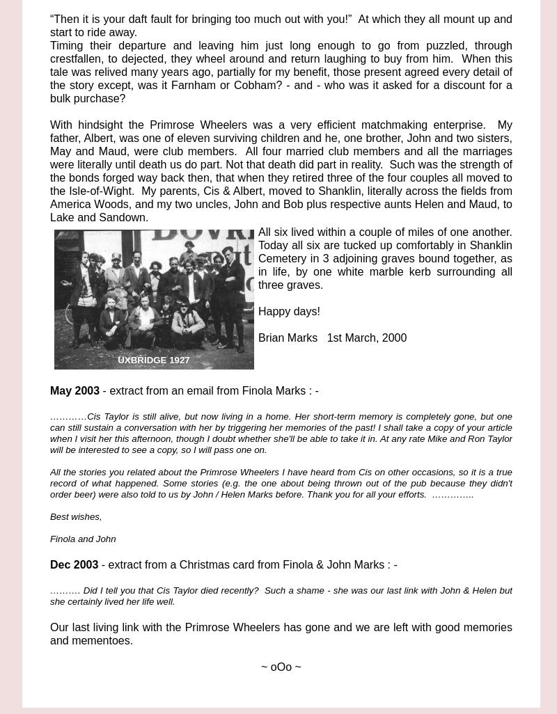 This screenshot has height=714, width=557. I want to click on 'she was our last link with John & Helen but she certainly lived her life well.', so click(281, 596).